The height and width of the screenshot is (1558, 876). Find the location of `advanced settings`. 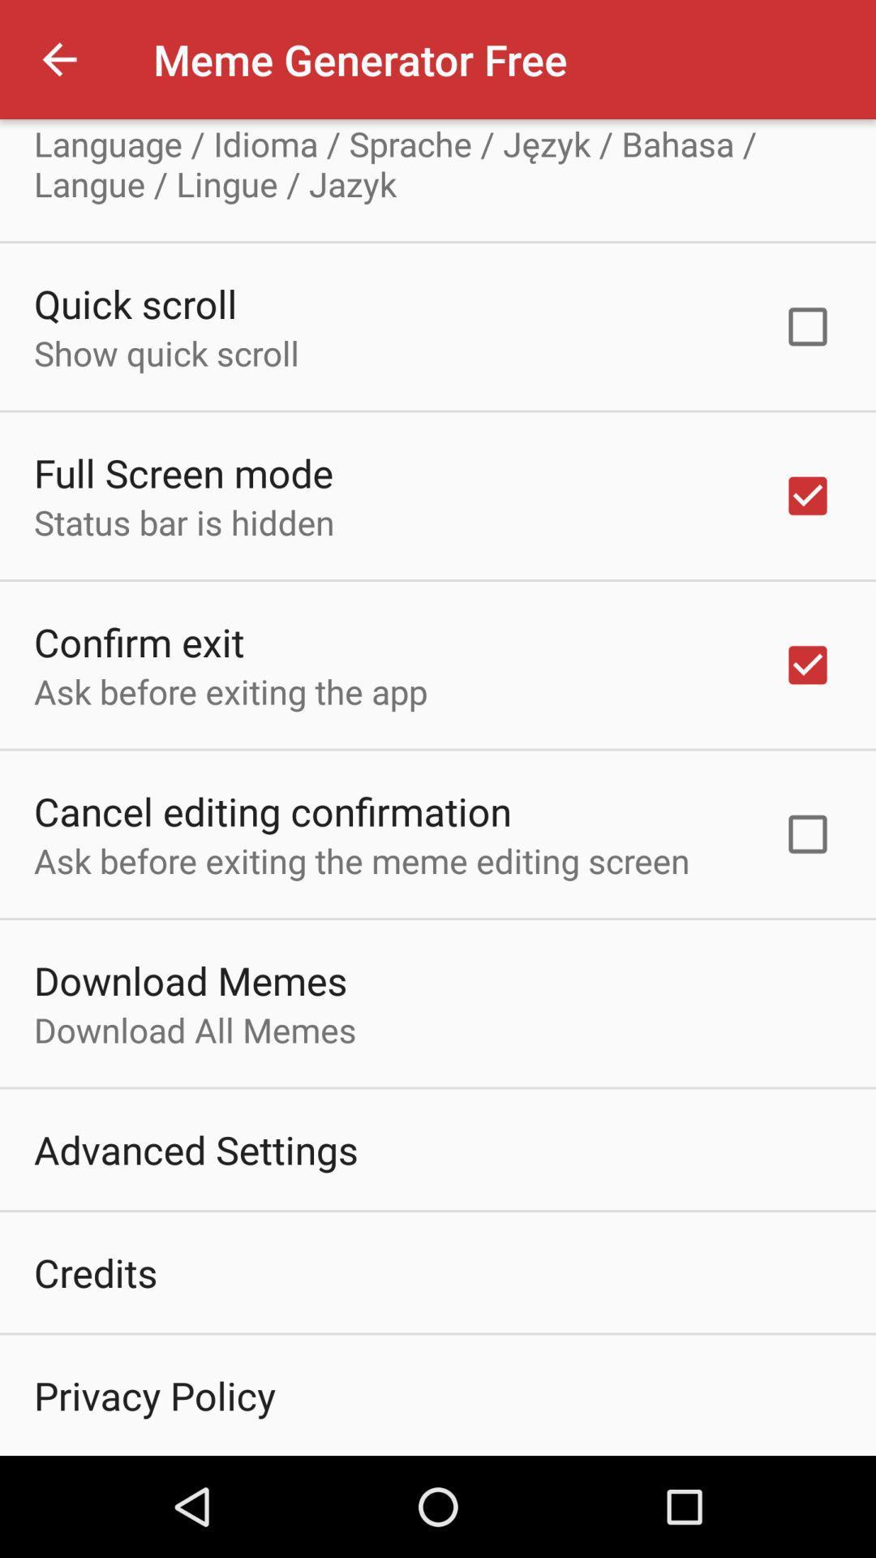

advanced settings is located at coordinates (195, 1148).